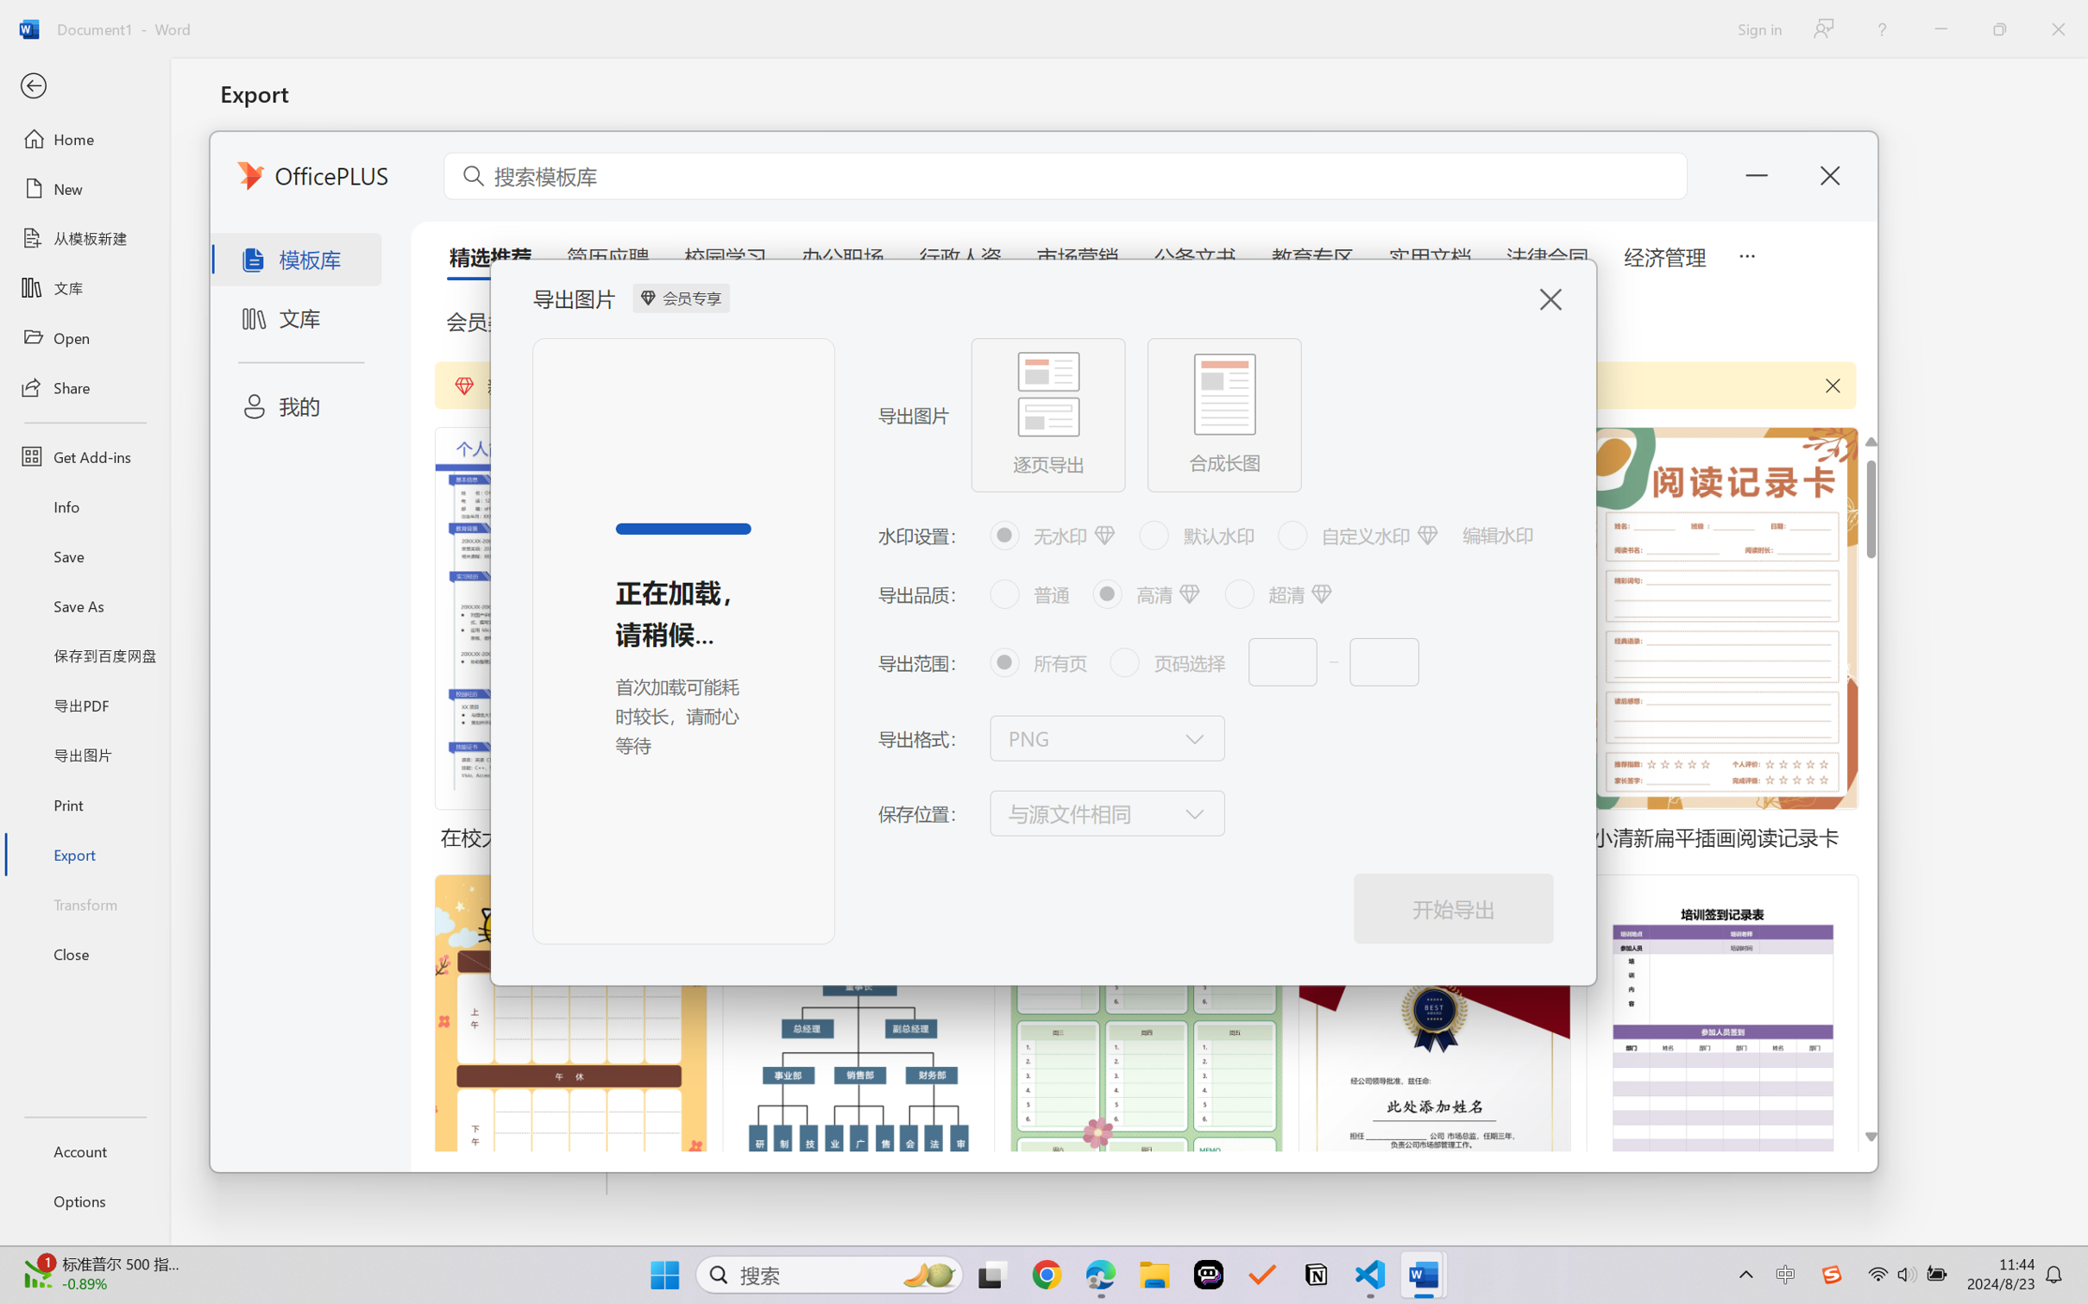  Describe the element at coordinates (84, 1150) in the screenshot. I see `'Account'` at that location.